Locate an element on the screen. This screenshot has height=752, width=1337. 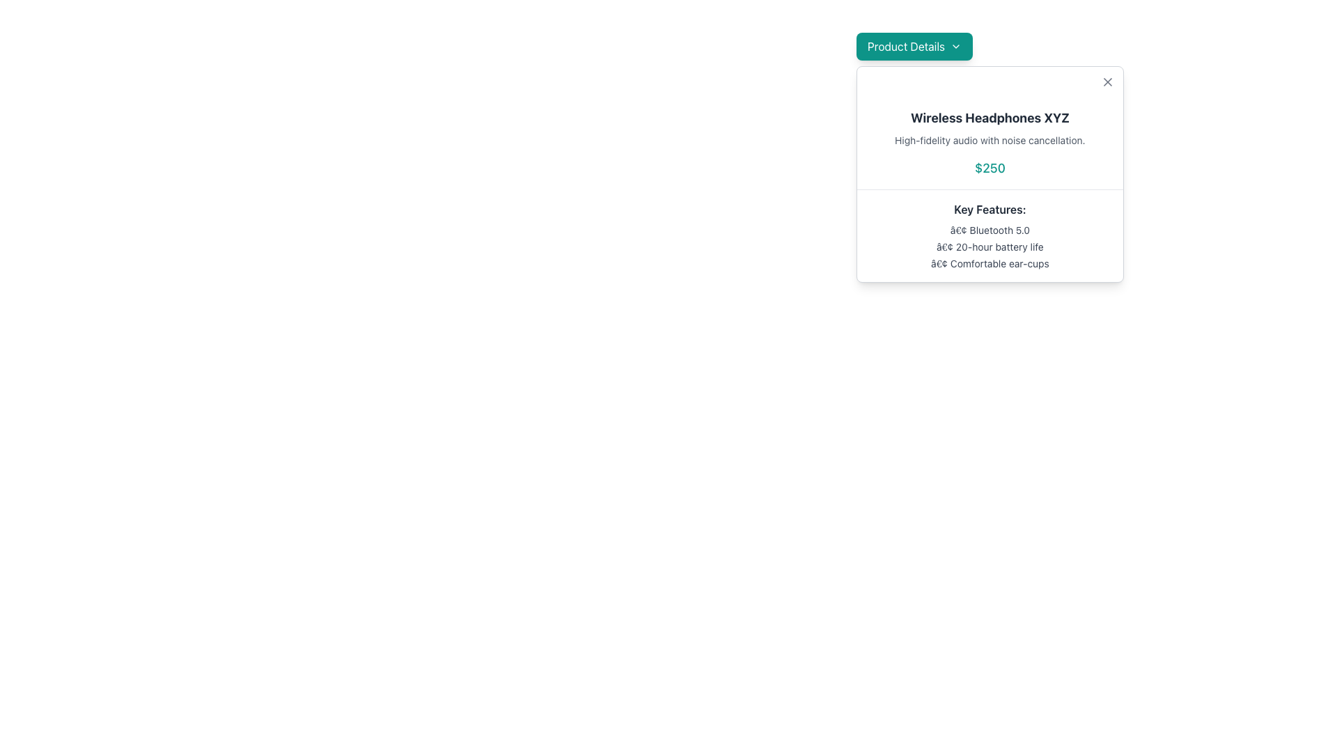
feature description displayed as '• Bluetooth 5.0', which is the first item in the vertical list of key features under the 'Key Features' title is located at coordinates (989, 230).